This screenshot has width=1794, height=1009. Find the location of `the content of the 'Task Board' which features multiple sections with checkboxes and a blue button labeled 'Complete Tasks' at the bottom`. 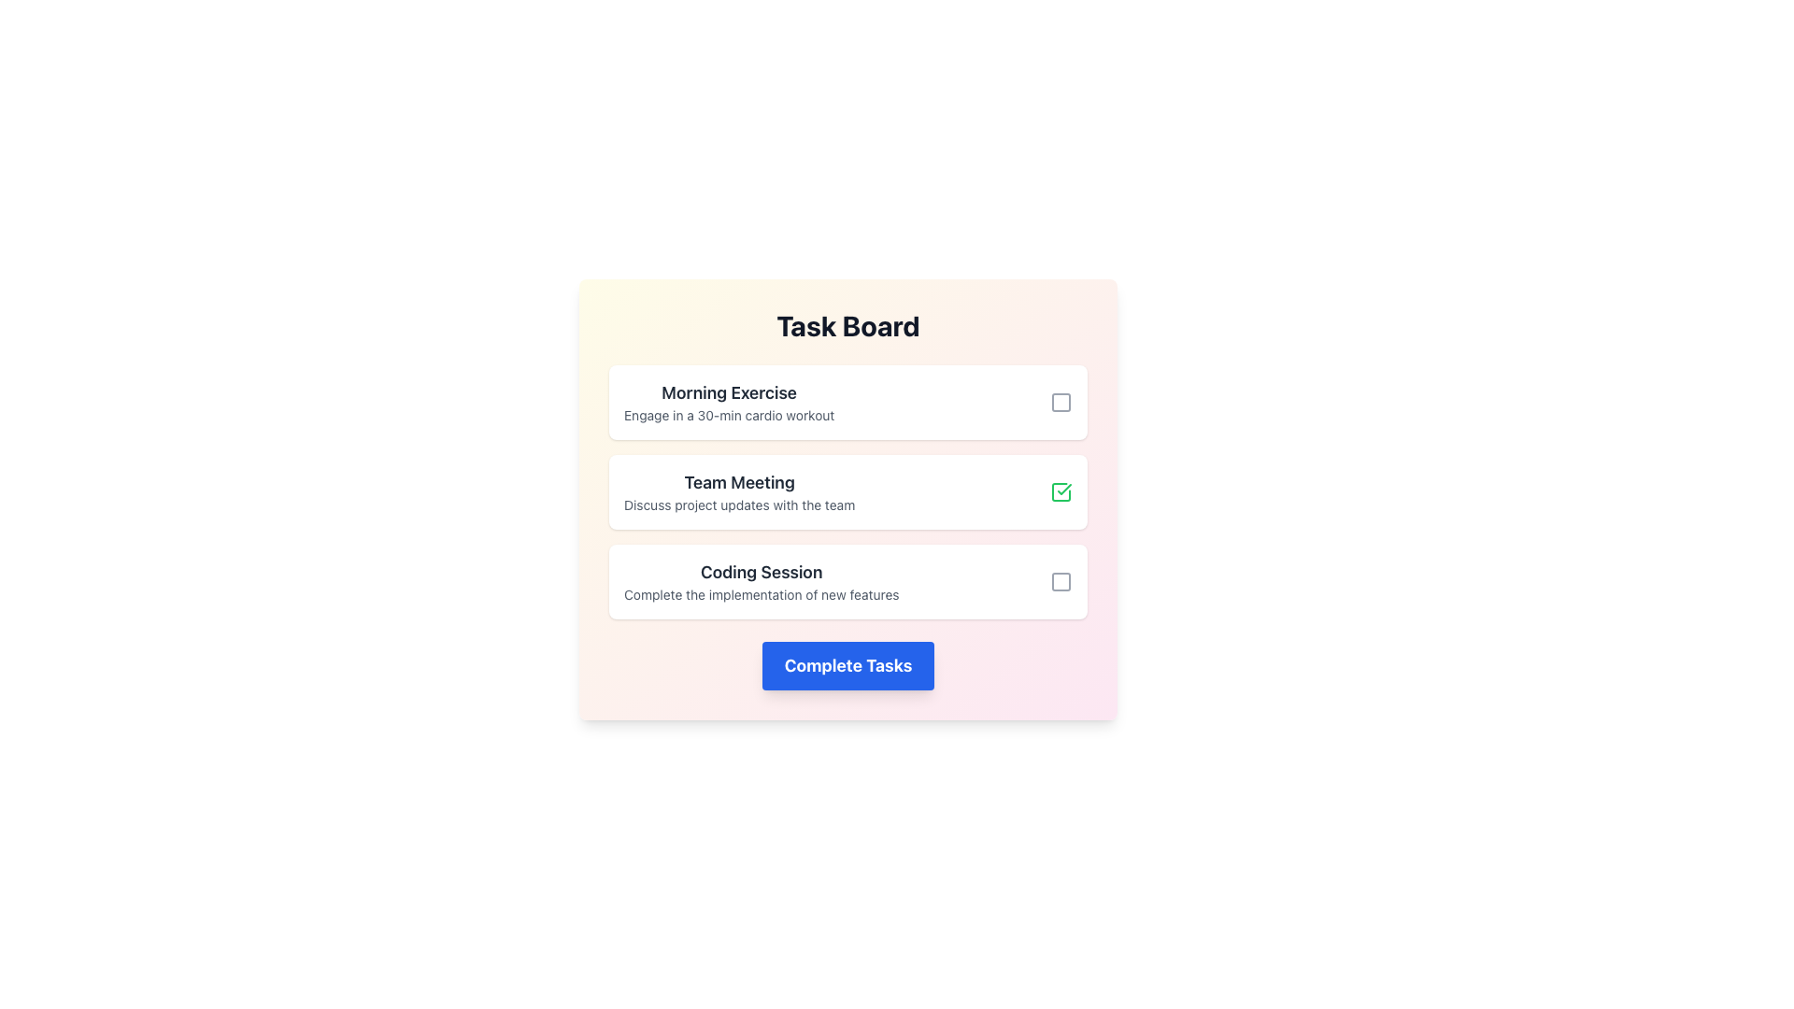

the content of the 'Task Board' which features multiple sections with checkboxes and a blue button labeled 'Complete Tasks' at the bottom is located at coordinates (847, 499).